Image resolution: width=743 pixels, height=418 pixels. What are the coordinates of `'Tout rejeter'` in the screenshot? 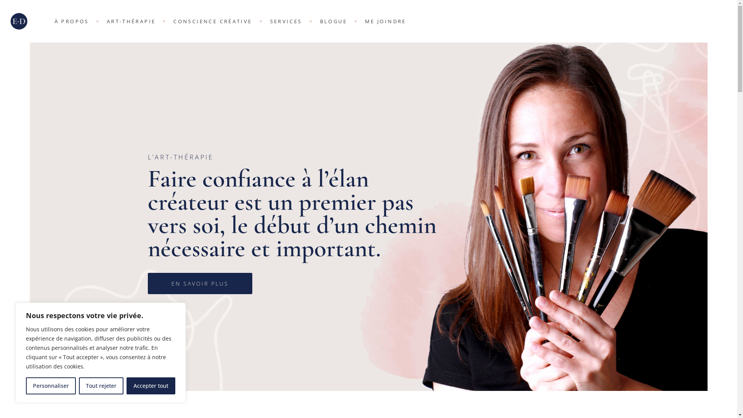 It's located at (79, 385).